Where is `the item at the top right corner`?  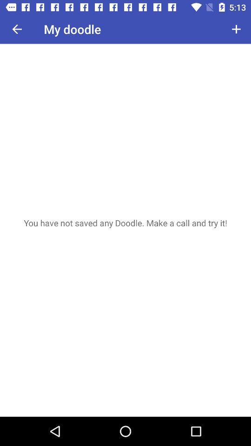
the item at the top right corner is located at coordinates (236, 29).